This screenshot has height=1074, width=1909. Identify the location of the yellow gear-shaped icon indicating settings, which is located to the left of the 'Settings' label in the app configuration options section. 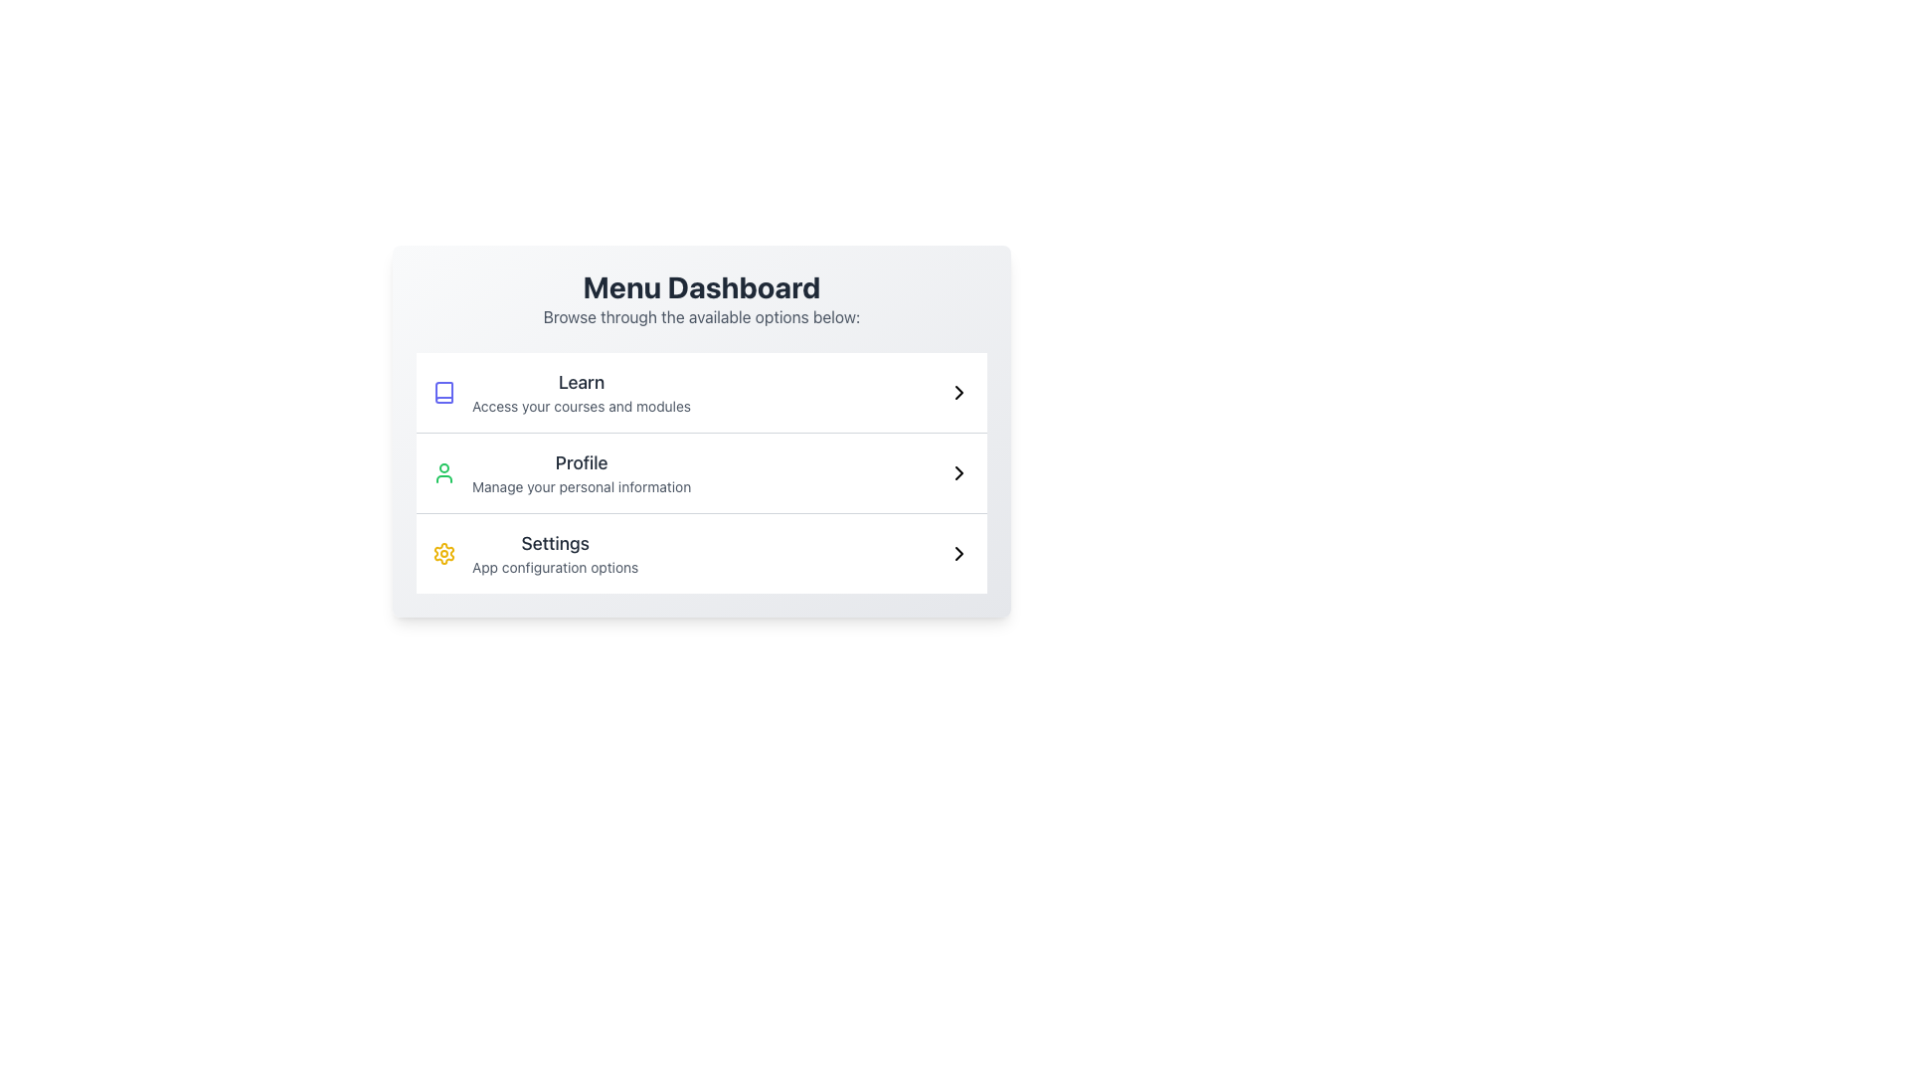
(442, 553).